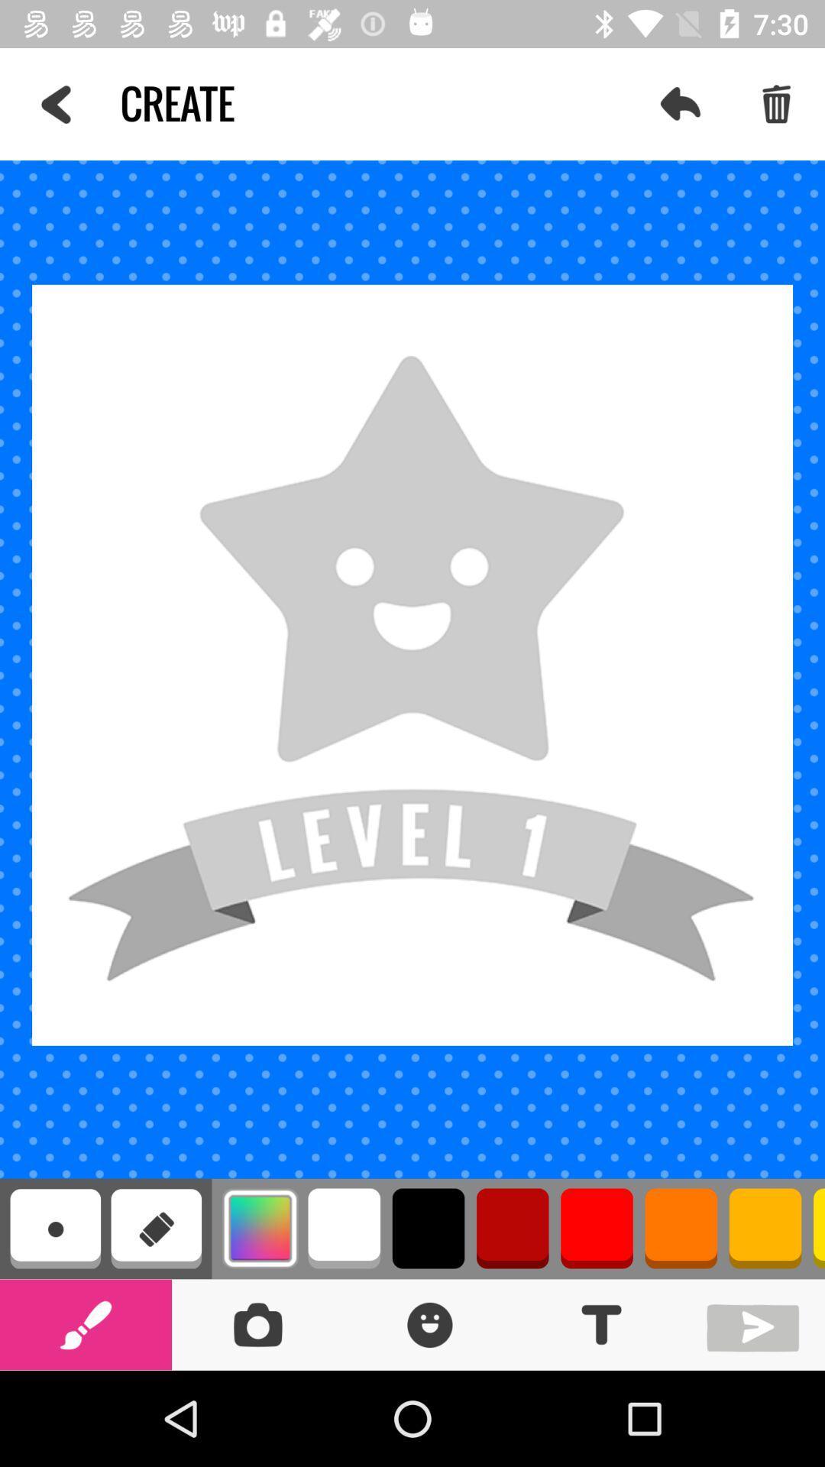 This screenshot has height=1467, width=825. I want to click on pencil to paint, so click(86, 1323).